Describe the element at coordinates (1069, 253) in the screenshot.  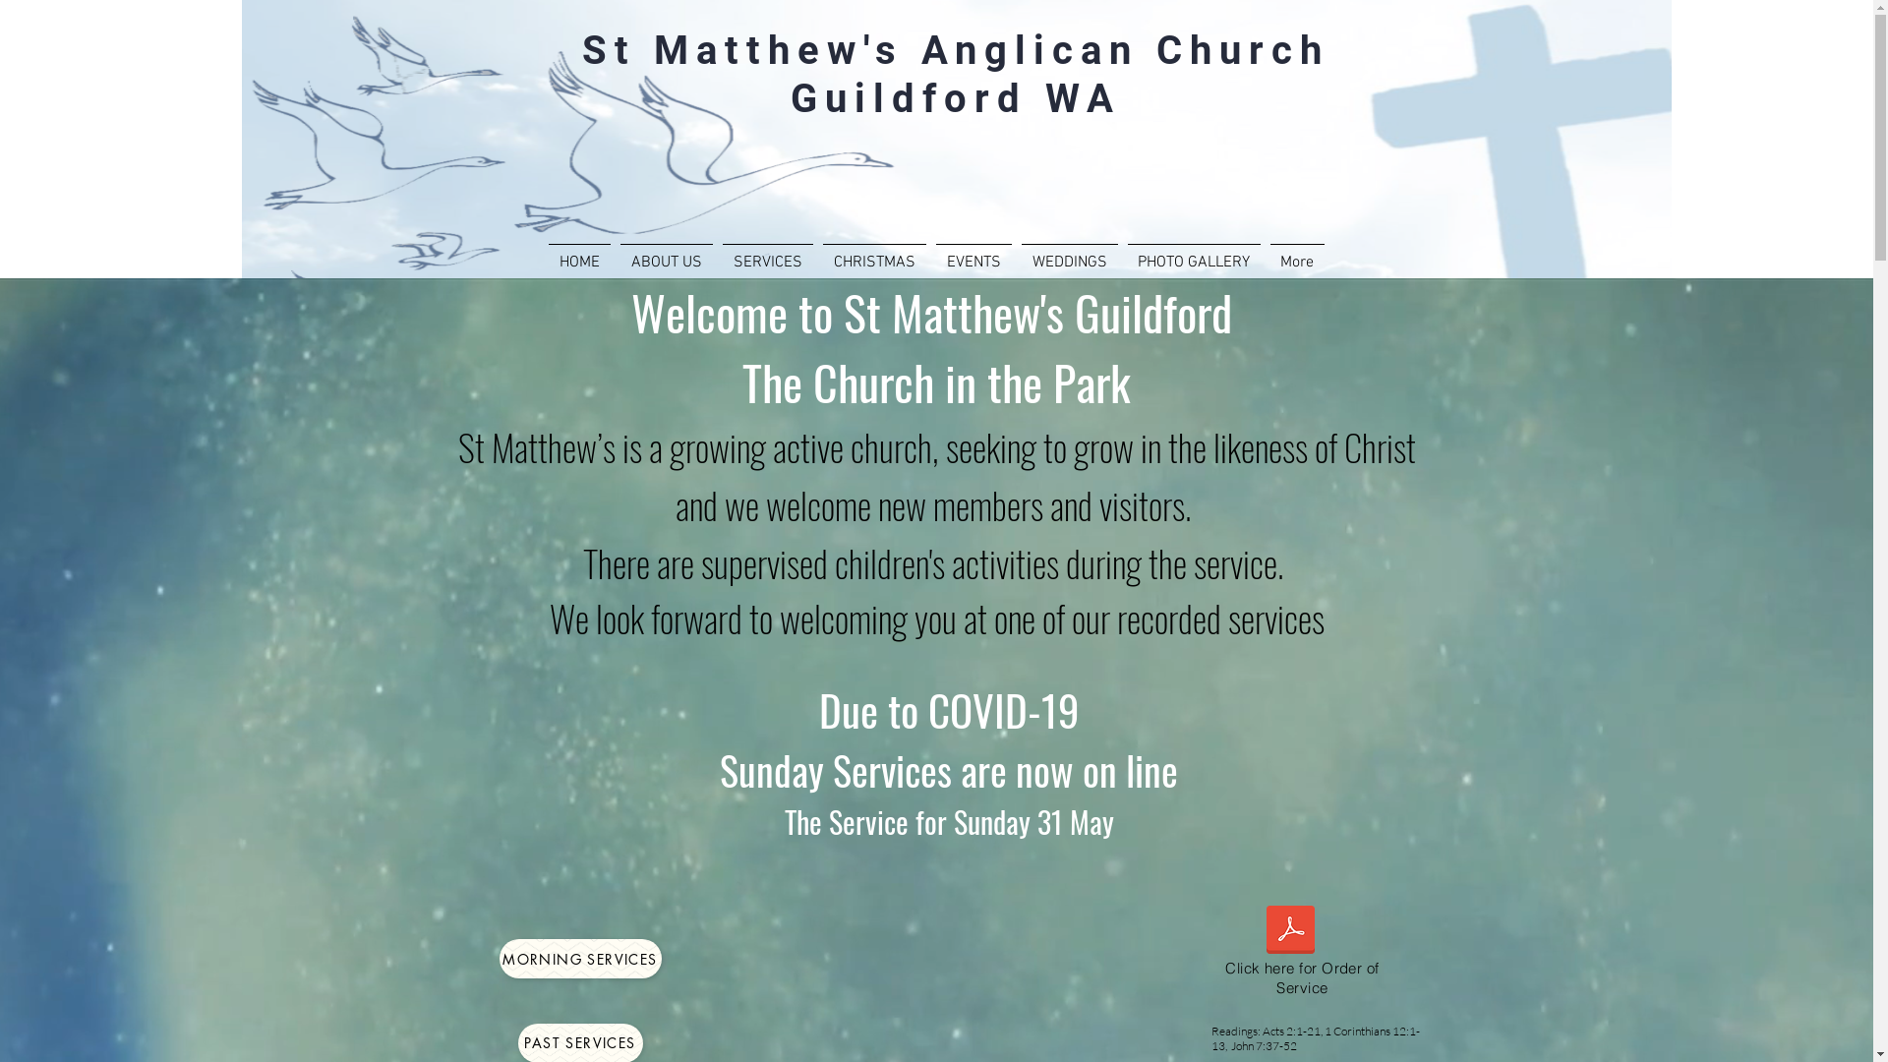
I see `'WEDDINGS'` at that location.